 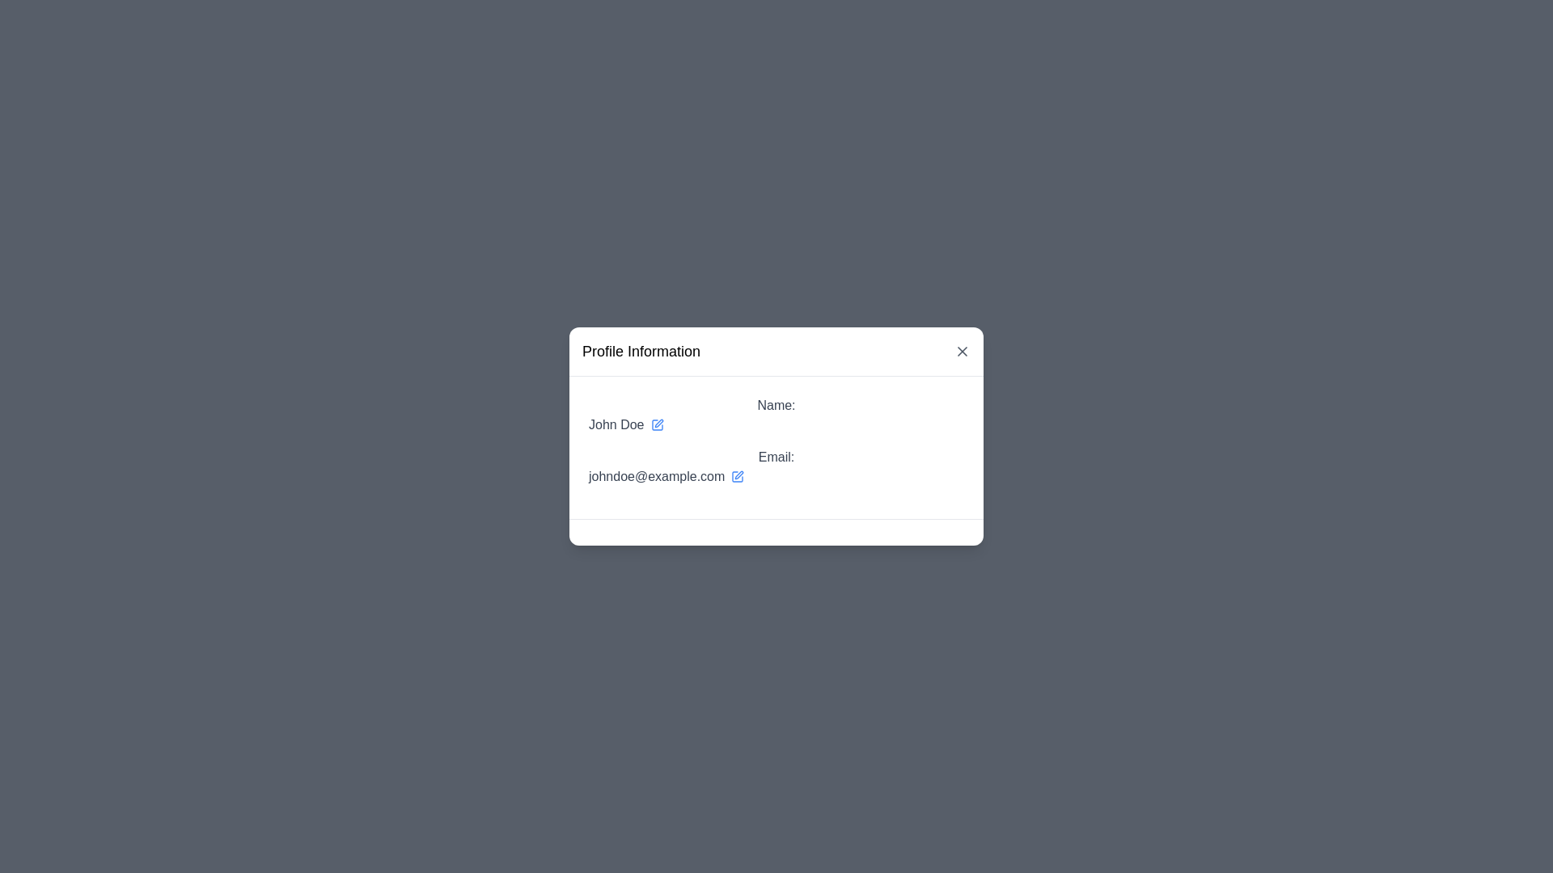 I want to click on the close button located in the top-right corner of the 'Profile Information' card, so click(x=963, y=351).